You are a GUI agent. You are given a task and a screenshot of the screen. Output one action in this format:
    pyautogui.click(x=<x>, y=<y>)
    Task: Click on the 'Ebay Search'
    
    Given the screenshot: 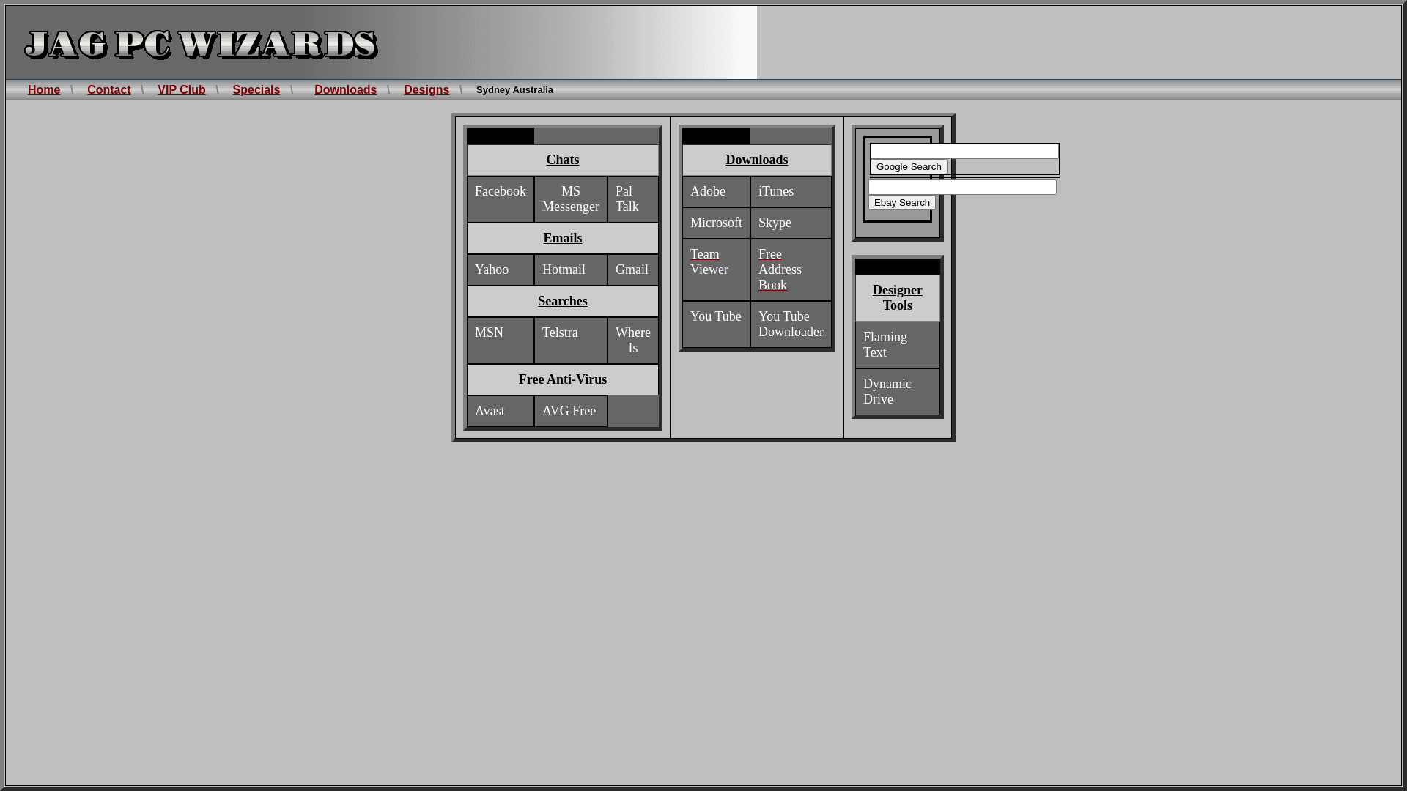 What is the action you would take?
    pyautogui.click(x=901, y=202)
    